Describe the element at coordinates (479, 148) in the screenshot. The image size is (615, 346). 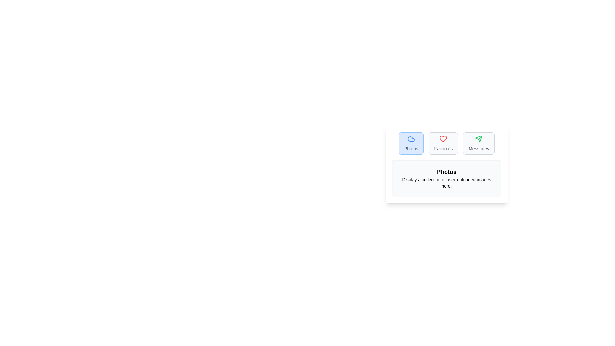
I see `the label that describes the purpose of the 'Messages' button, which is positioned below the associated icon` at that location.